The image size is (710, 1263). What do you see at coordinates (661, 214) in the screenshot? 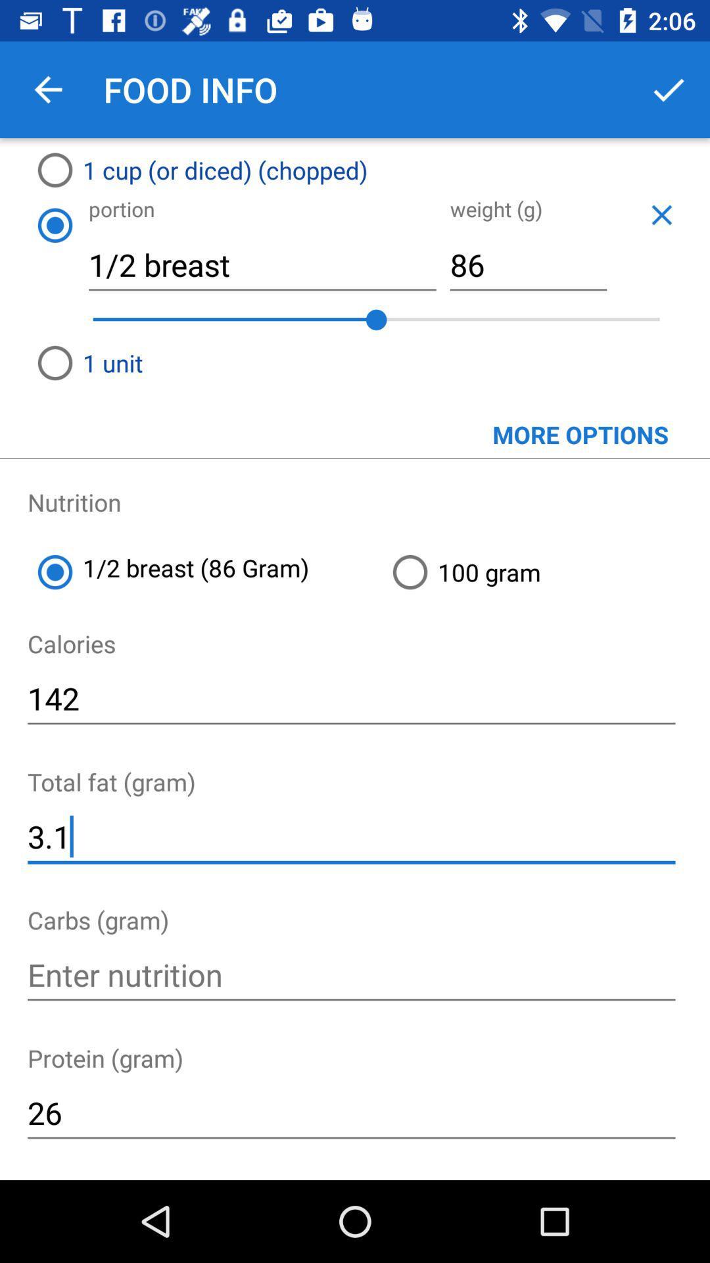
I see `close` at bounding box center [661, 214].